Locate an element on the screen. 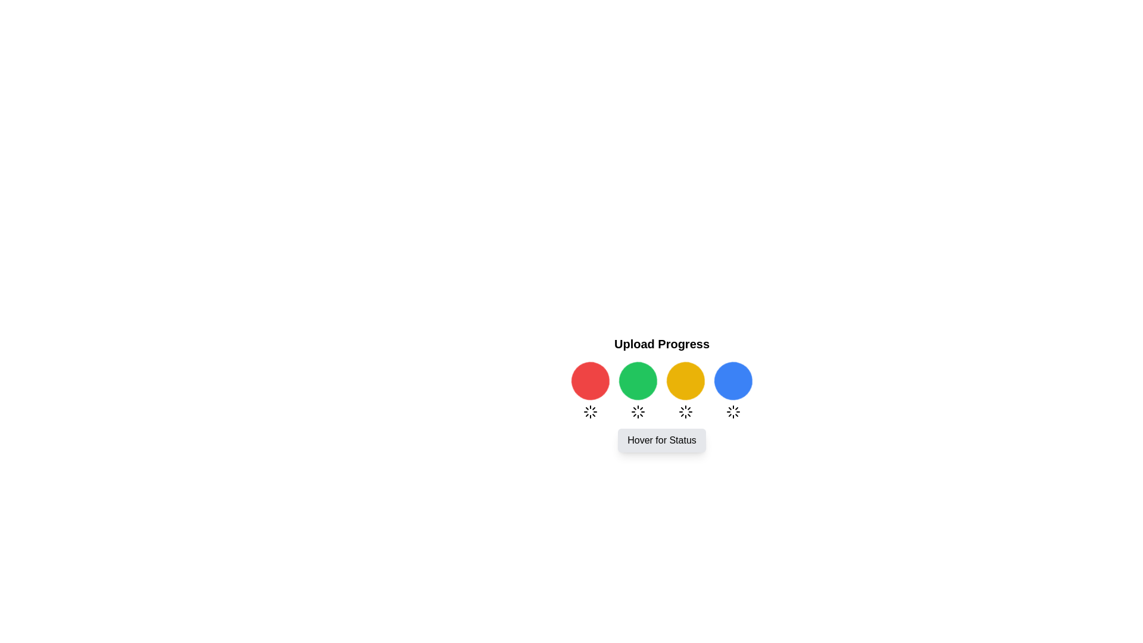  the animation of the circular graphic or spinner located directly beneath the 'Upload Progress' heading, which is the second item in a sequence of four colored circular elements is located at coordinates (637, 381).